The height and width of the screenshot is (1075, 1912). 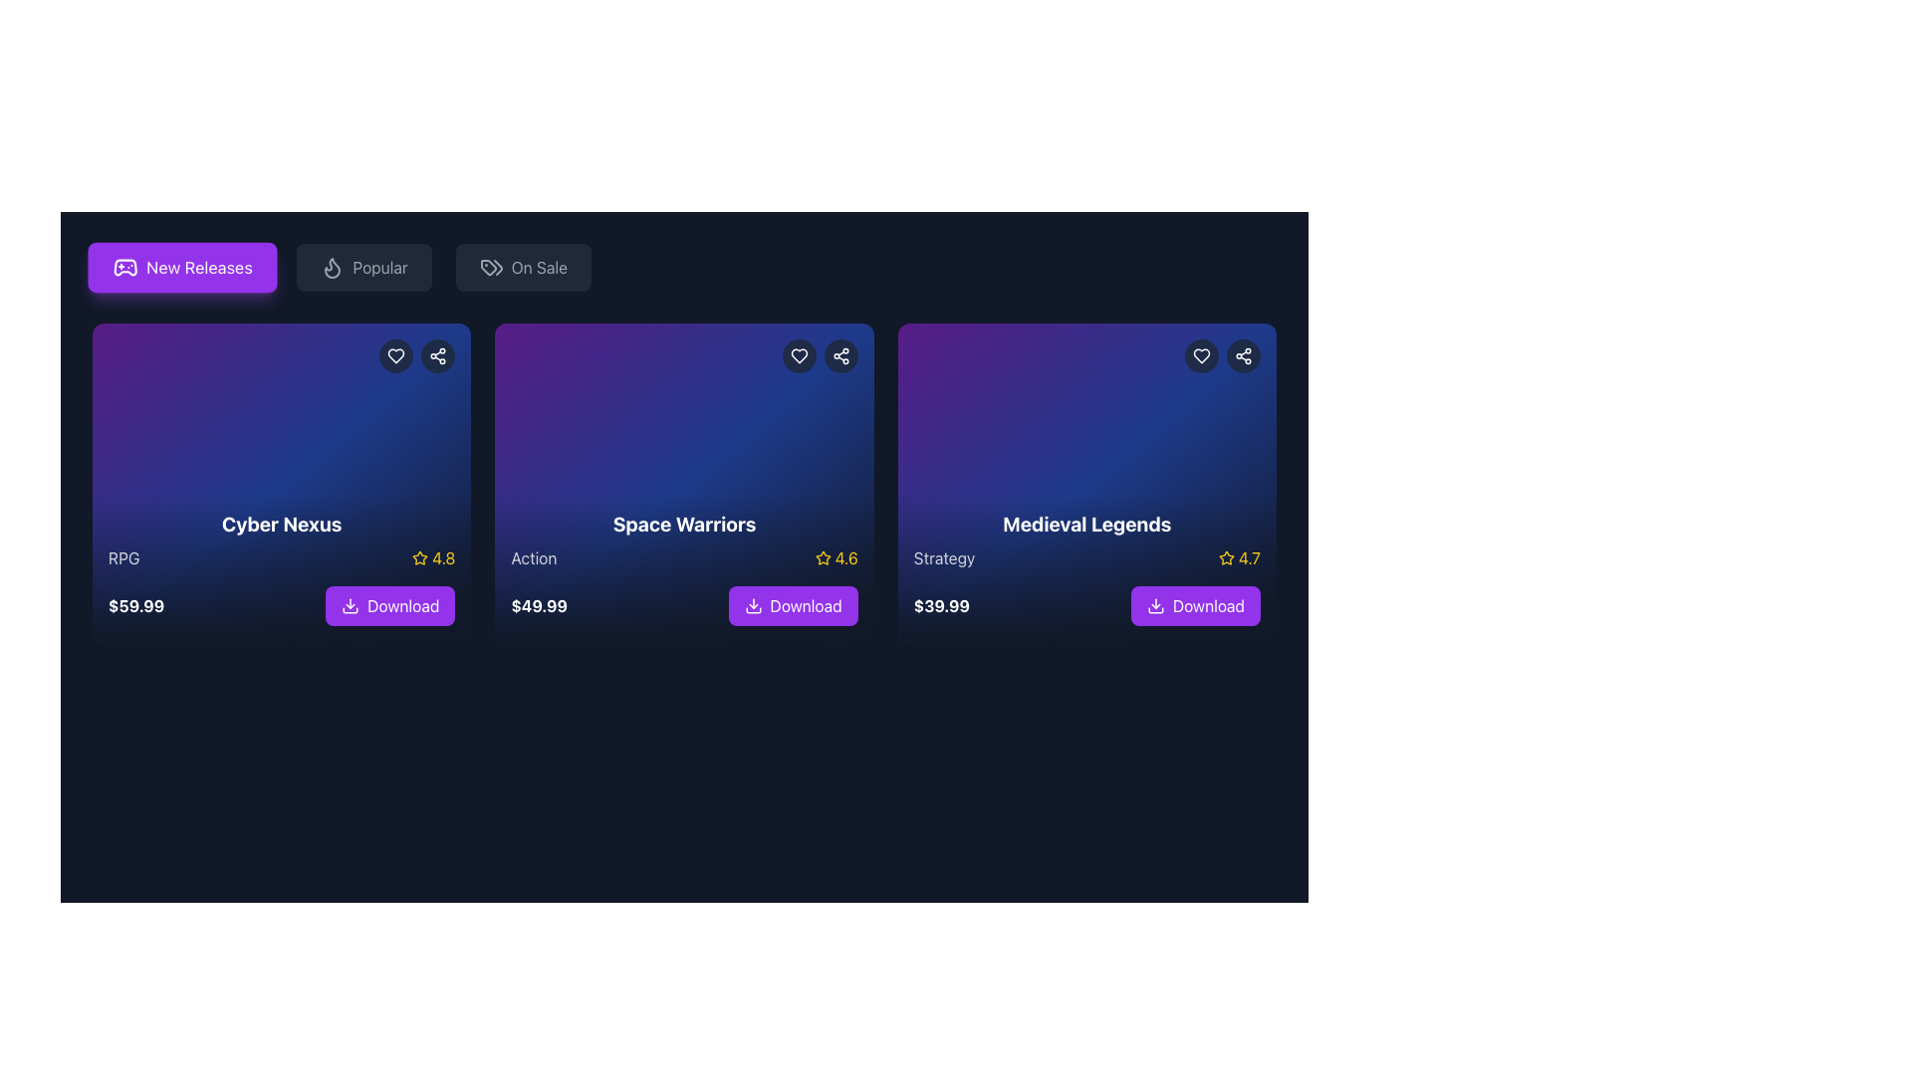 I want to click on the Rating display element, which features a yellow star icon and the numeric rating '4.8', so click(x=432, y=557).